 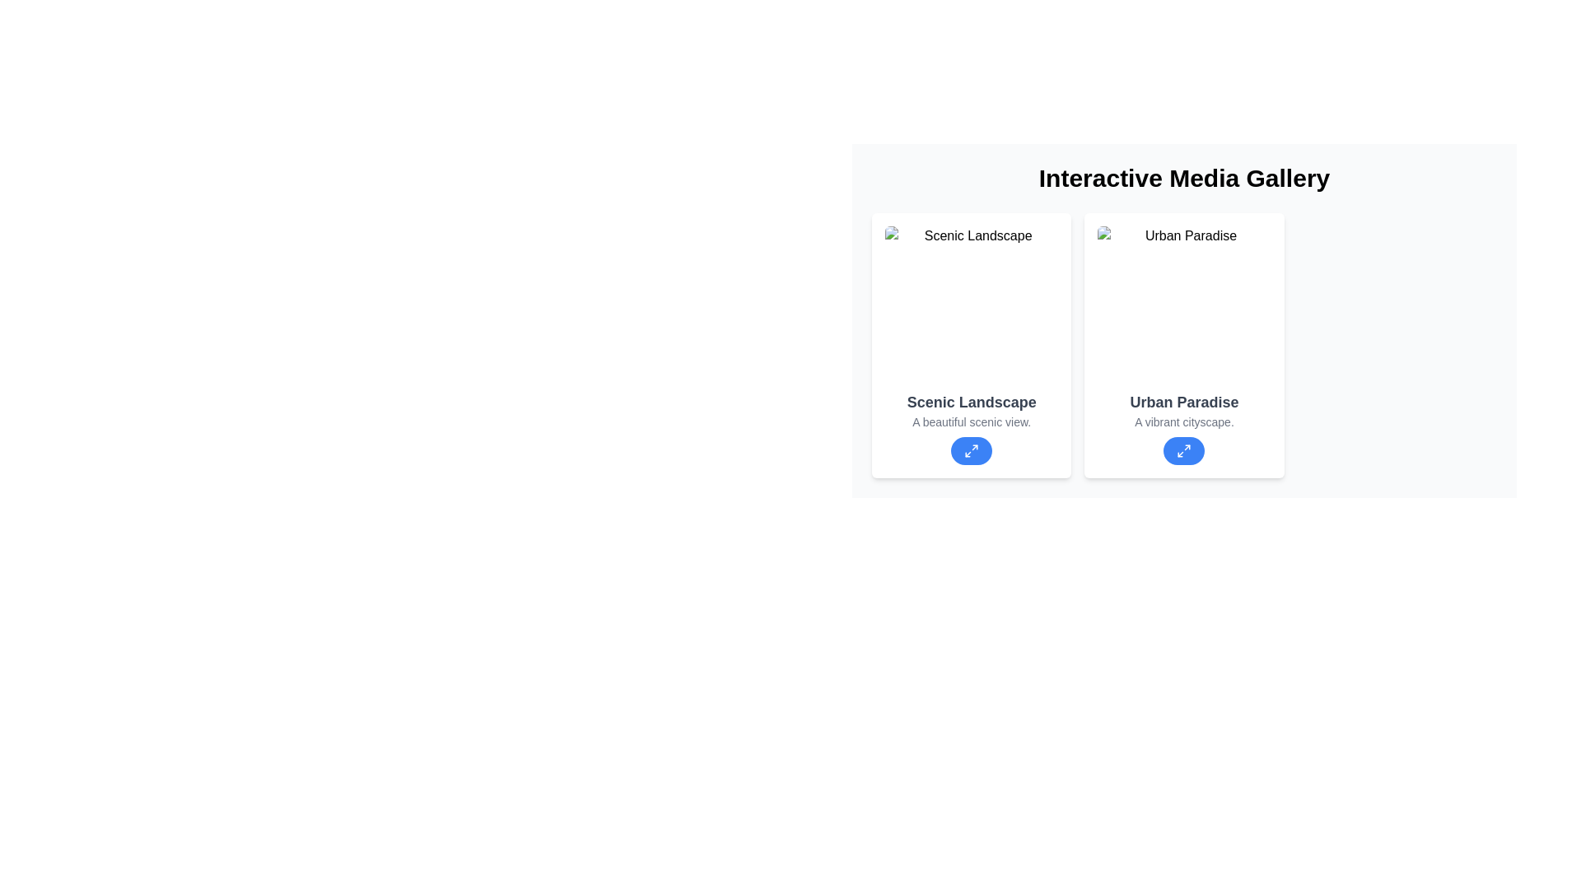 What do you see at coordinates (972, 305) in the screenshot?
I see `the scenic landscape image at the top of the card, which is rectangular with rounded corners and located in the left section of a horizontally arranged gallery grid` at bounding box center [972, 305].